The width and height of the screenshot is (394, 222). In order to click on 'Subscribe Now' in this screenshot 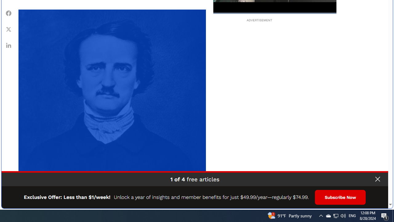, I will do `click(340, 197)`.